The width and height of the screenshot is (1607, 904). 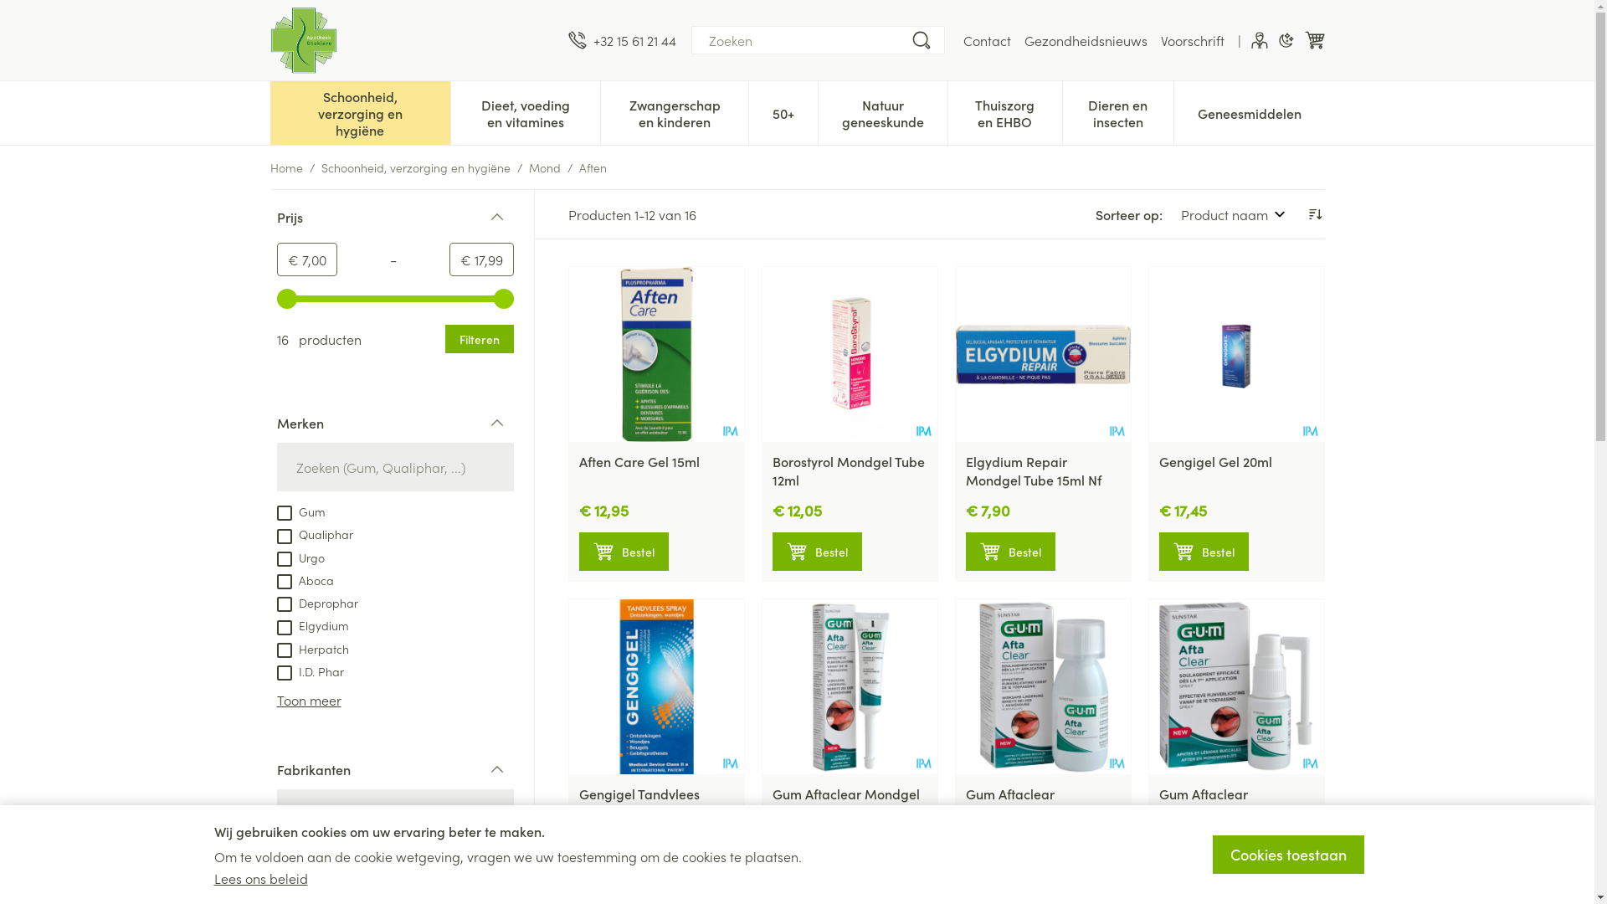 What do you see at coordinates (1249, 110) in the screenshot?
I see `'Geneesmiddelen'` at bounding box center [1249, 110].